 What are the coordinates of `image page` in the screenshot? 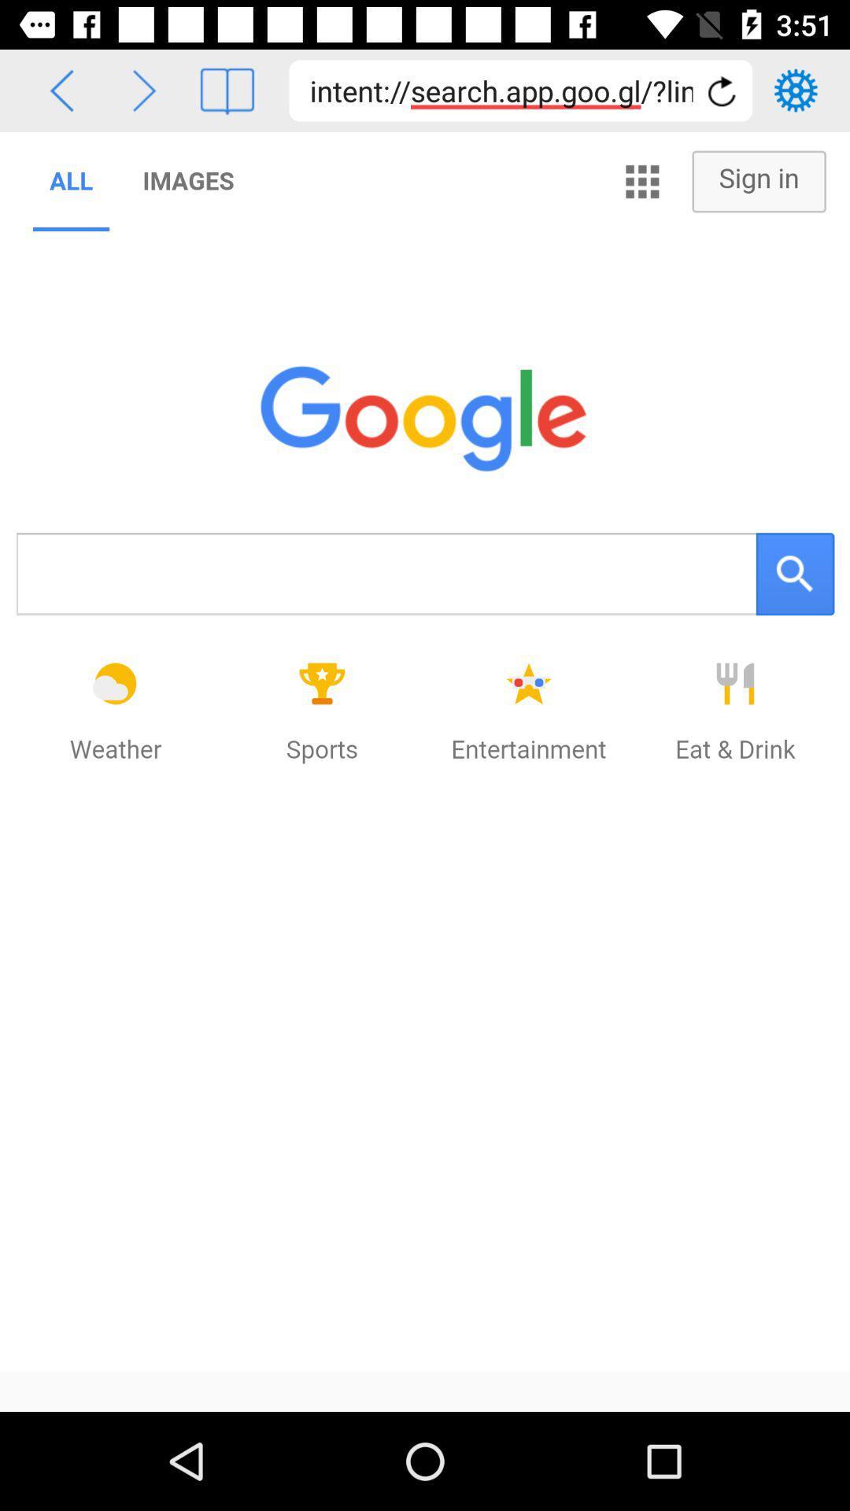 It's located at (227, 90).